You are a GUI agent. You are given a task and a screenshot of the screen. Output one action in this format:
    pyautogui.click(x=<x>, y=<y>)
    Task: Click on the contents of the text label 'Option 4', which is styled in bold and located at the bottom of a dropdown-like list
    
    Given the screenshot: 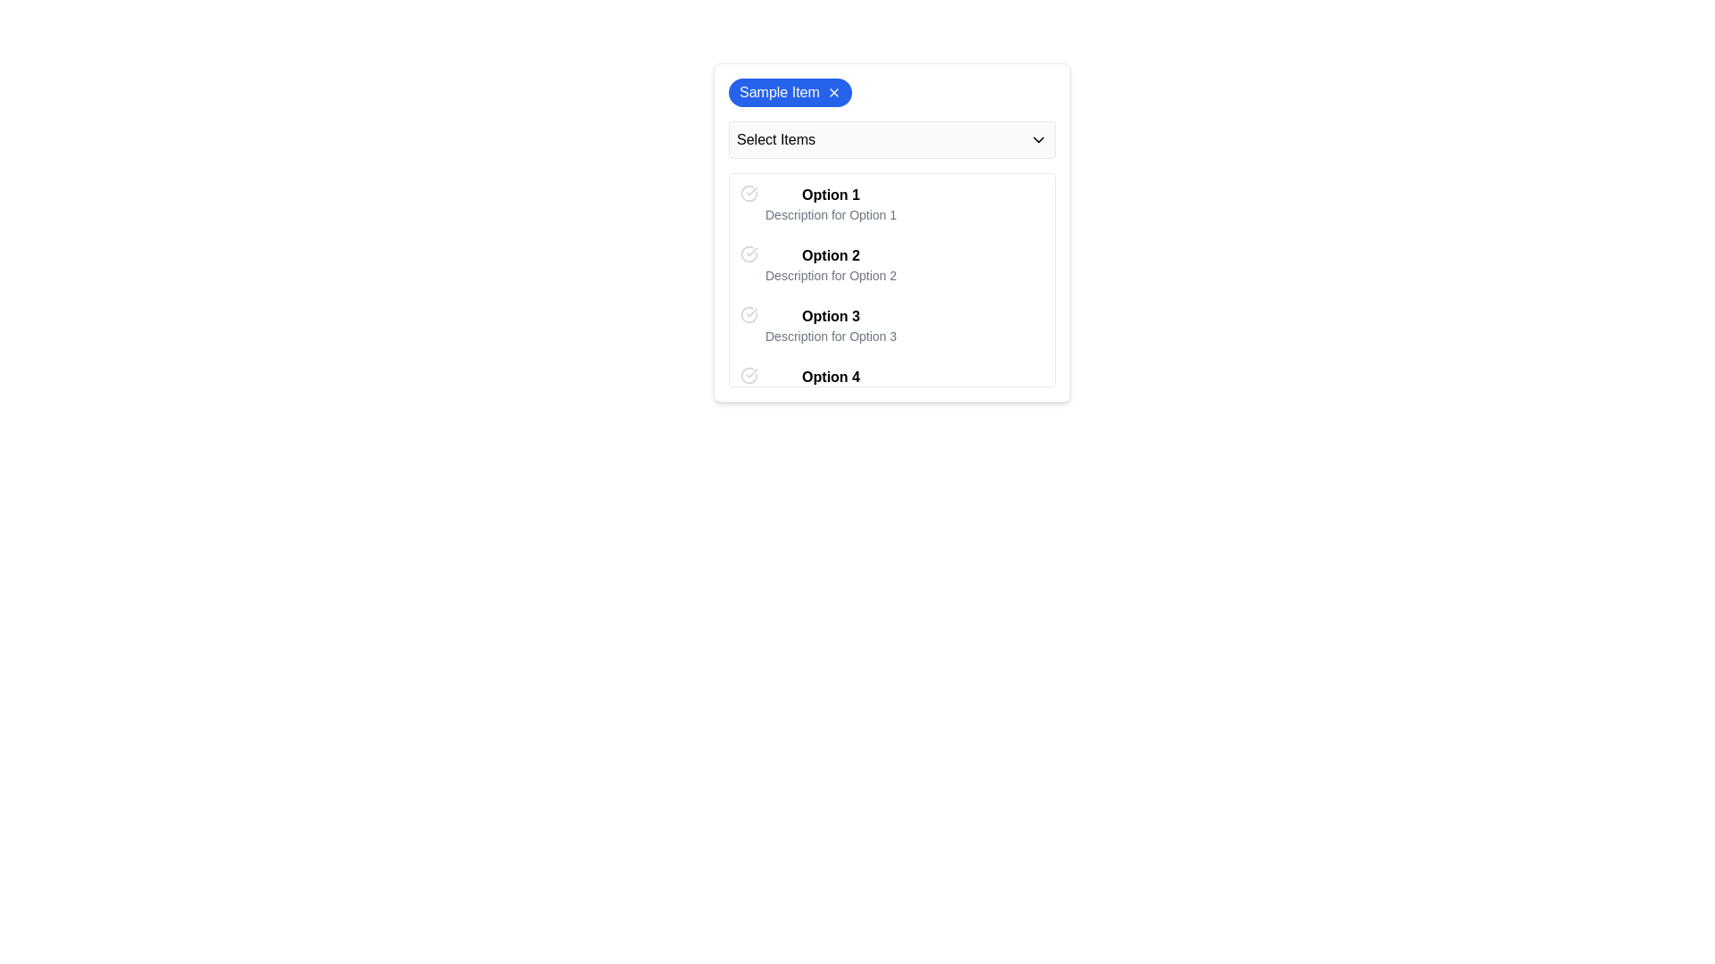 What is the action you would take?
    pyautogui.click(x=830, y=377)
    